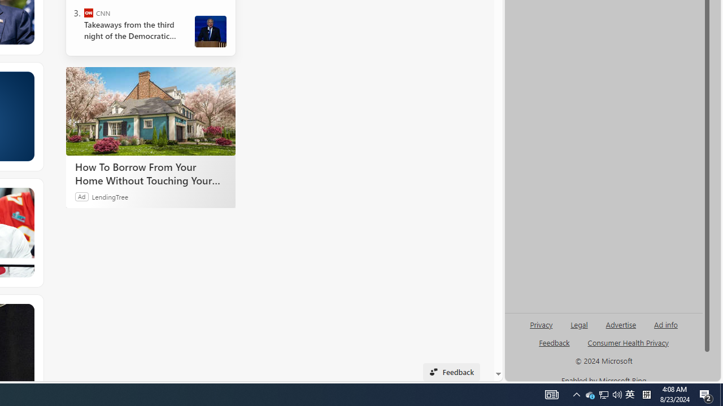 This screenshot has height=406, width=723. I want to click on 'LendingTree', so click(110, 196).